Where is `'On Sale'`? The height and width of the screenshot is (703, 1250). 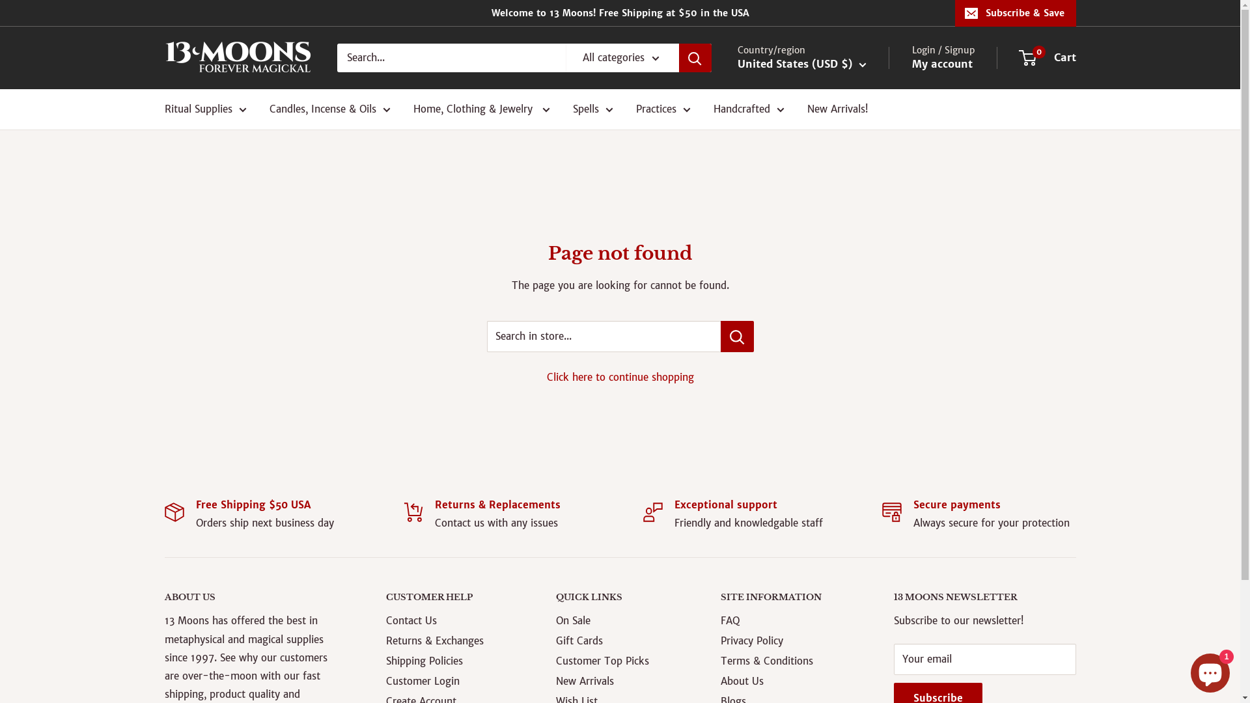
'On Sale' is located at coordinates (615, 620).